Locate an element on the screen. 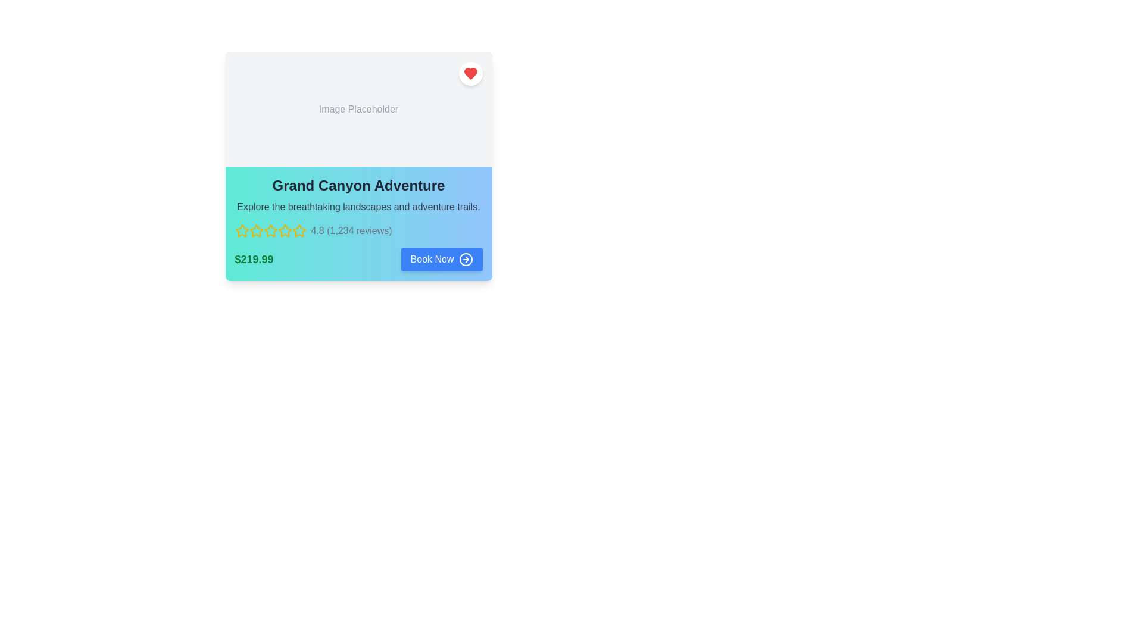  the sixth star icon indicating user ratings for the adventure, positioned as the last star on the right in the rating display is located at coordinates (284, 231).